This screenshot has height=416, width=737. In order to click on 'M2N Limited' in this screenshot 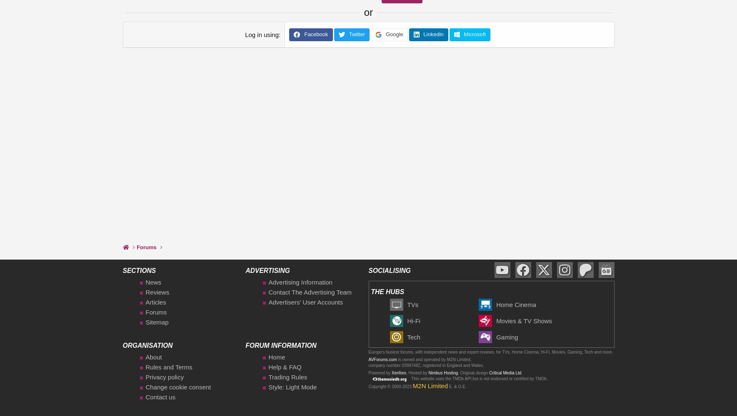, I will do `click(430, 385)`.